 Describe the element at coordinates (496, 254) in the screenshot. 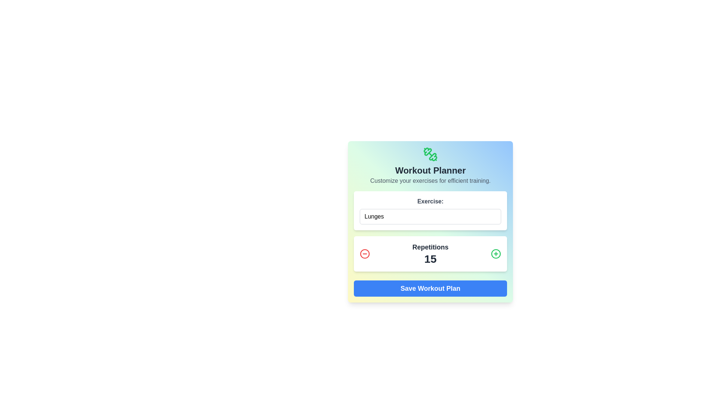

I see `the green circular button with a plus symbol that is aligned with the number '15' in the 'Repetitions' section` at that location.